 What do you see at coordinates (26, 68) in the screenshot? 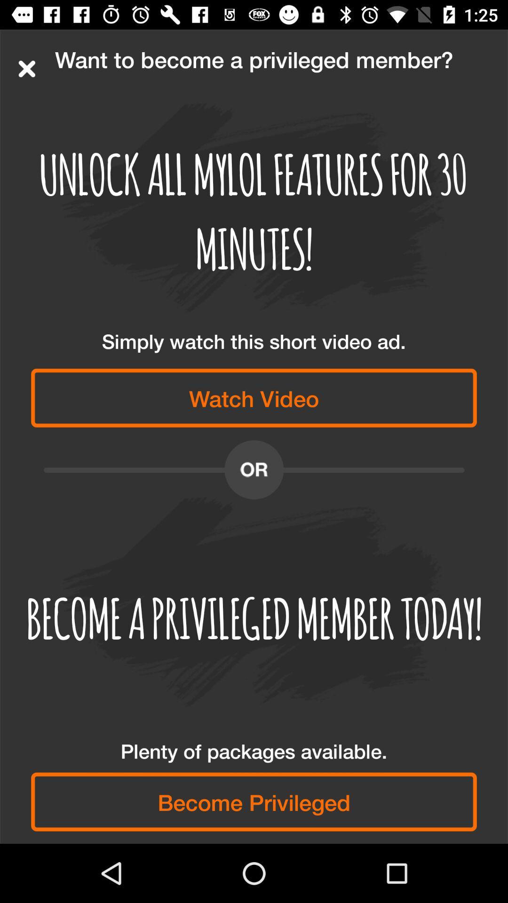
I see `the icon at the top left corner` at bounding box center [26, 68].